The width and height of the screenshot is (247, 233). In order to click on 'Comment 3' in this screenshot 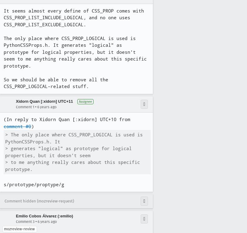, I will do `click(16, 221)`.